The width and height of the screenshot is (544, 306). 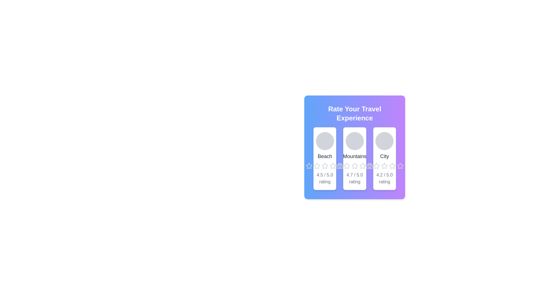 What do you see at coordinates (392, 166) in the screenshot?
I see `the fifth star icon in the 'Rate Your Travel Experience' interface, located under the 'City' column` at bounding box center [392, 166].